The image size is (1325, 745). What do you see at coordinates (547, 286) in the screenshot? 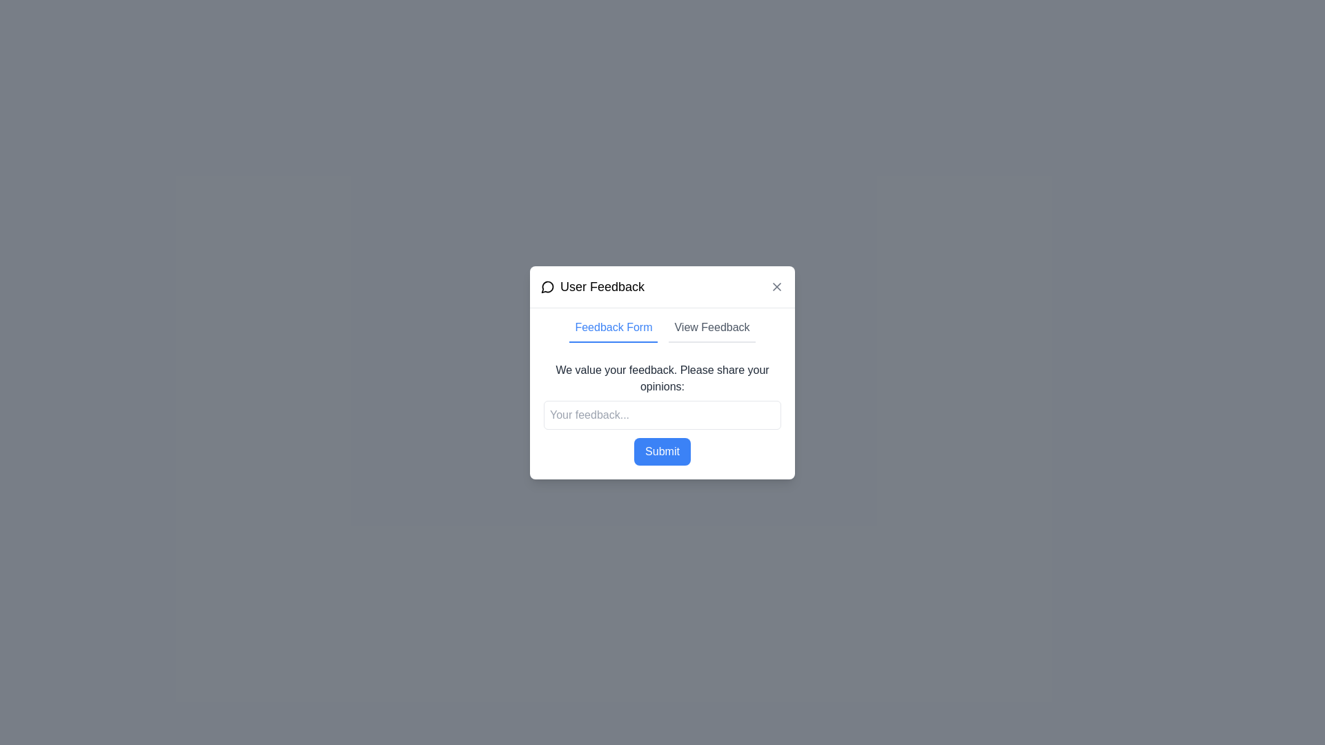
I see `the message circle icon, which has a black outline and is transparent, located in the top-left corner of the modal header before the 'User Feedback' text` at bounding box center [547, 286].